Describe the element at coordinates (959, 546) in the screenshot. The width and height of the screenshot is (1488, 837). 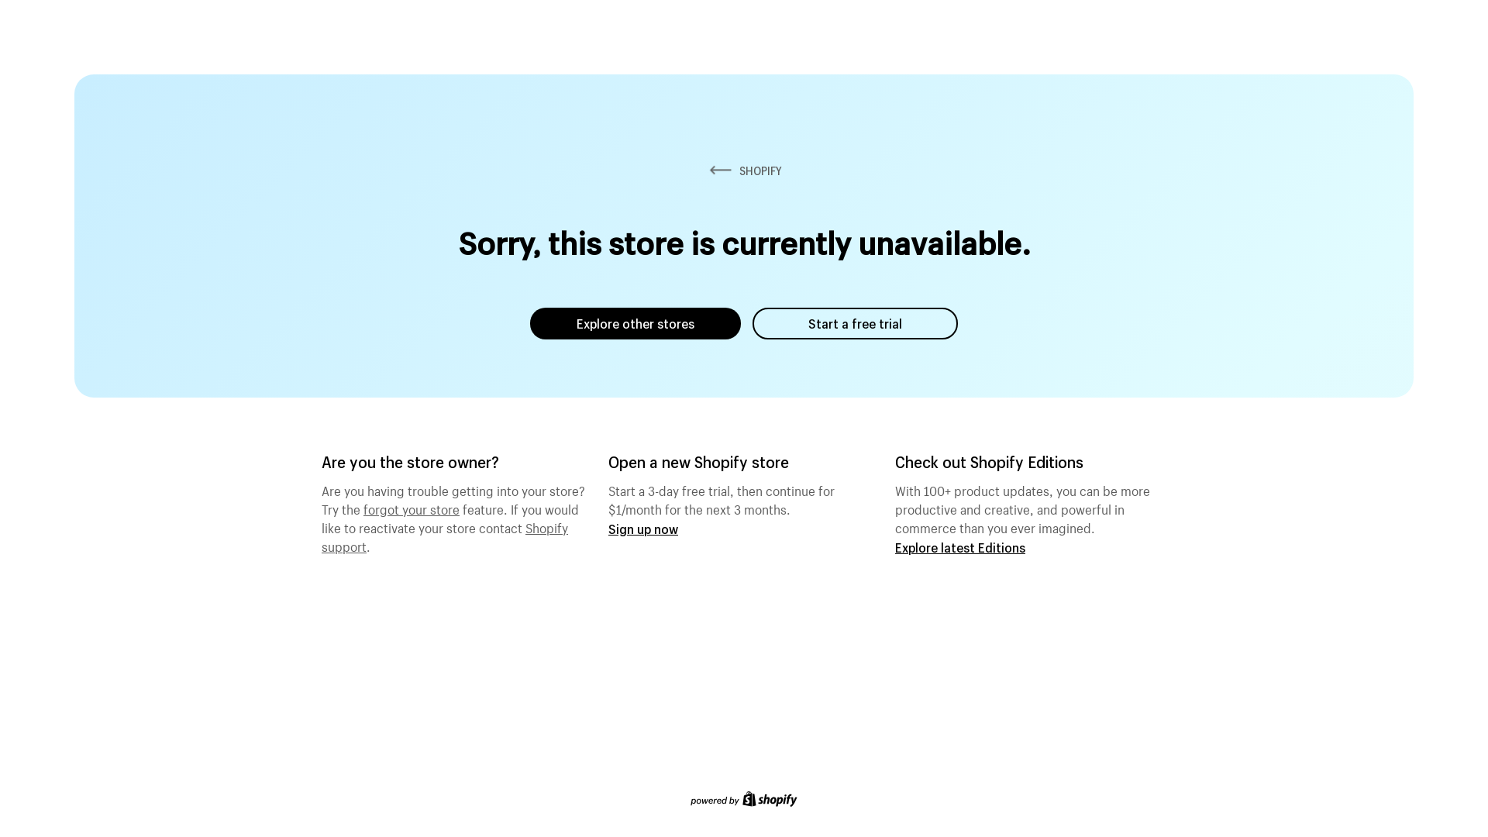
I see `'Explore latest Editions'` at that location.